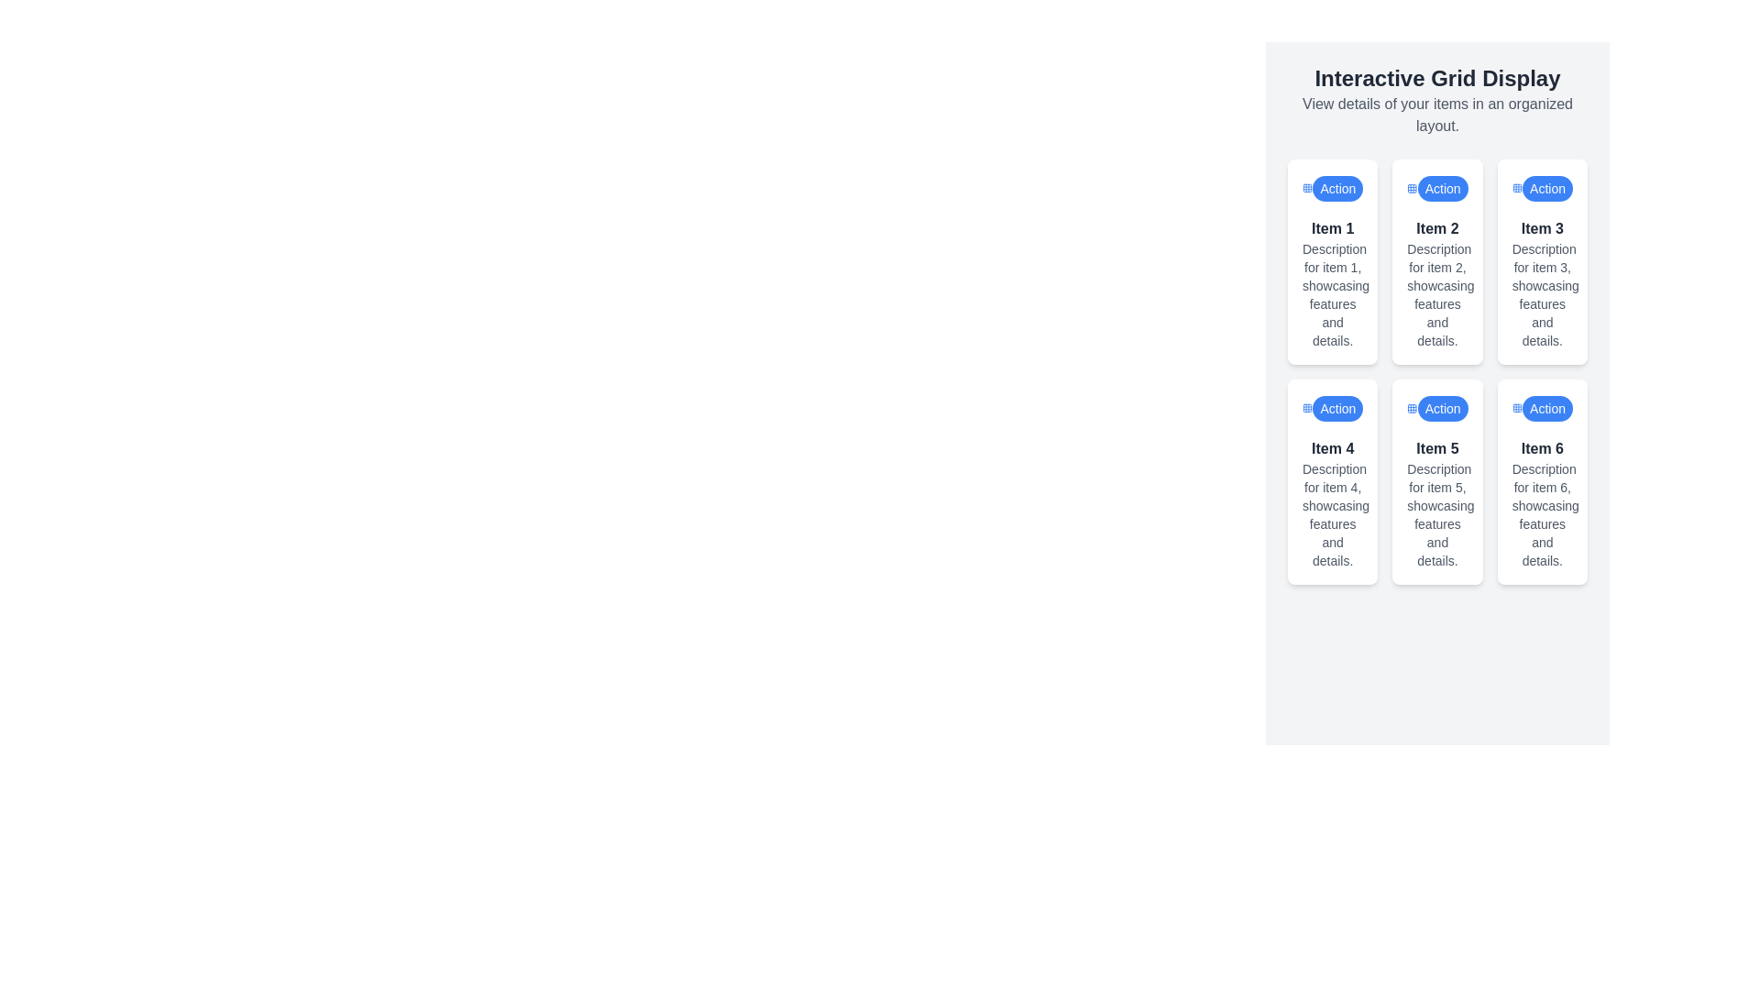  Describe the element at coordinates (1436, 408) in the screenshot. I see `the blue 'Action' button with a grid icon` at that location.